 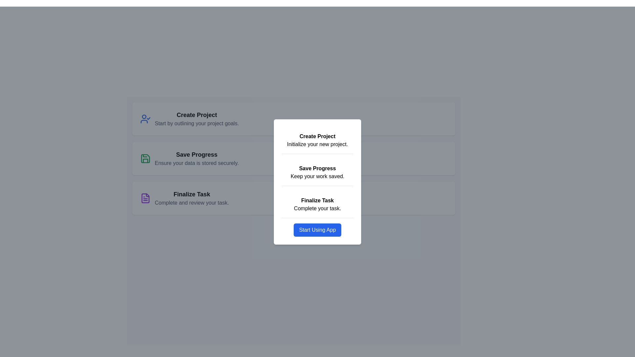 I want to click on the bolded text label displaying 'Save Progress', which is centrally positioned in the second section of a vertically arranged list, so click(x=317, y=168).